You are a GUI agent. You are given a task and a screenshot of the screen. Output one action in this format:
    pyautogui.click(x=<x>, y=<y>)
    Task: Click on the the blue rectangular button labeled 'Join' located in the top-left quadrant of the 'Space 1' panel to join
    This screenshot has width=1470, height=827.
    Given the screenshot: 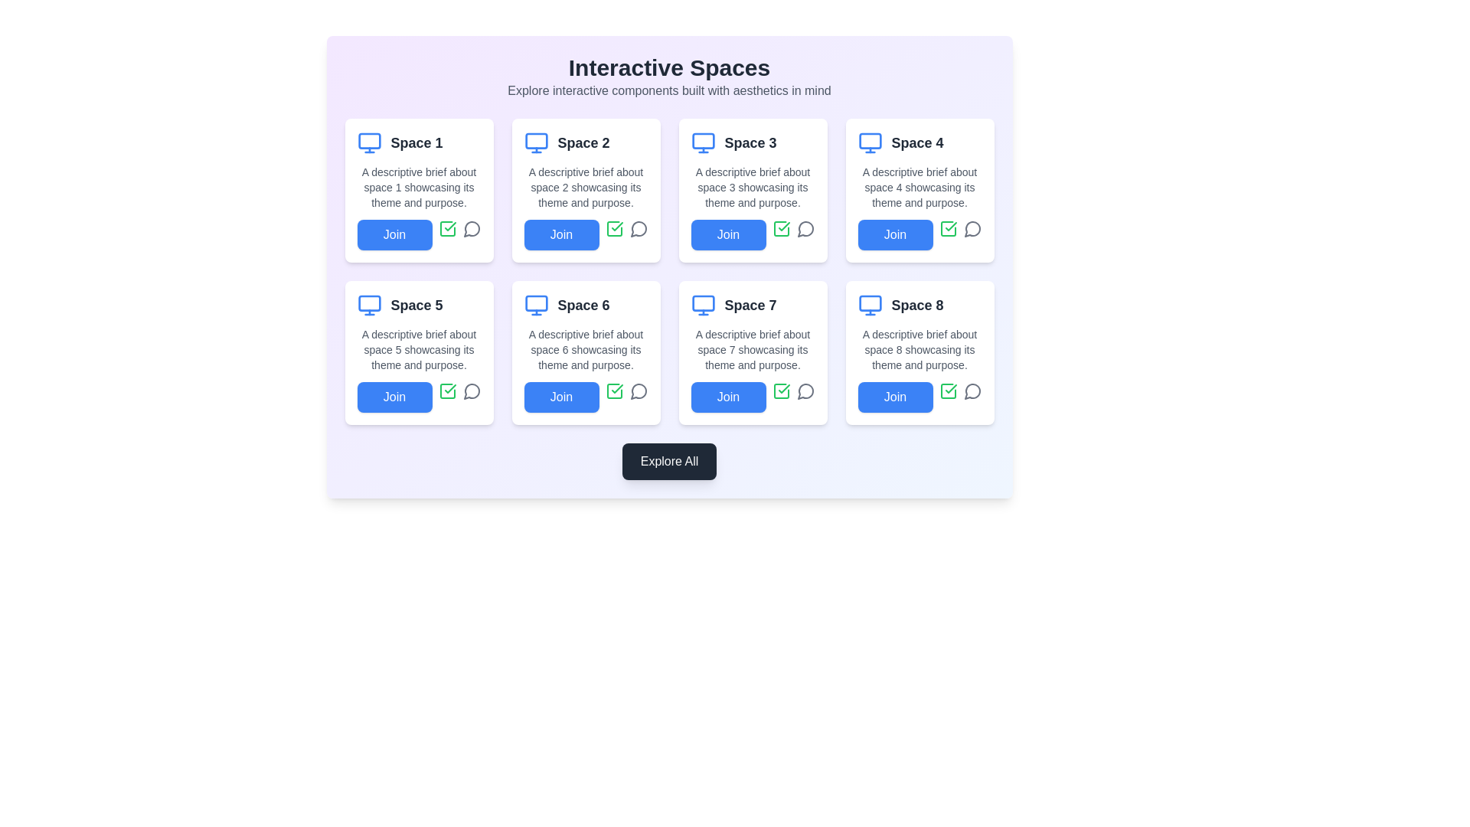 What is the action you would take?
    pyautogui.click(x=394, y=235)
    